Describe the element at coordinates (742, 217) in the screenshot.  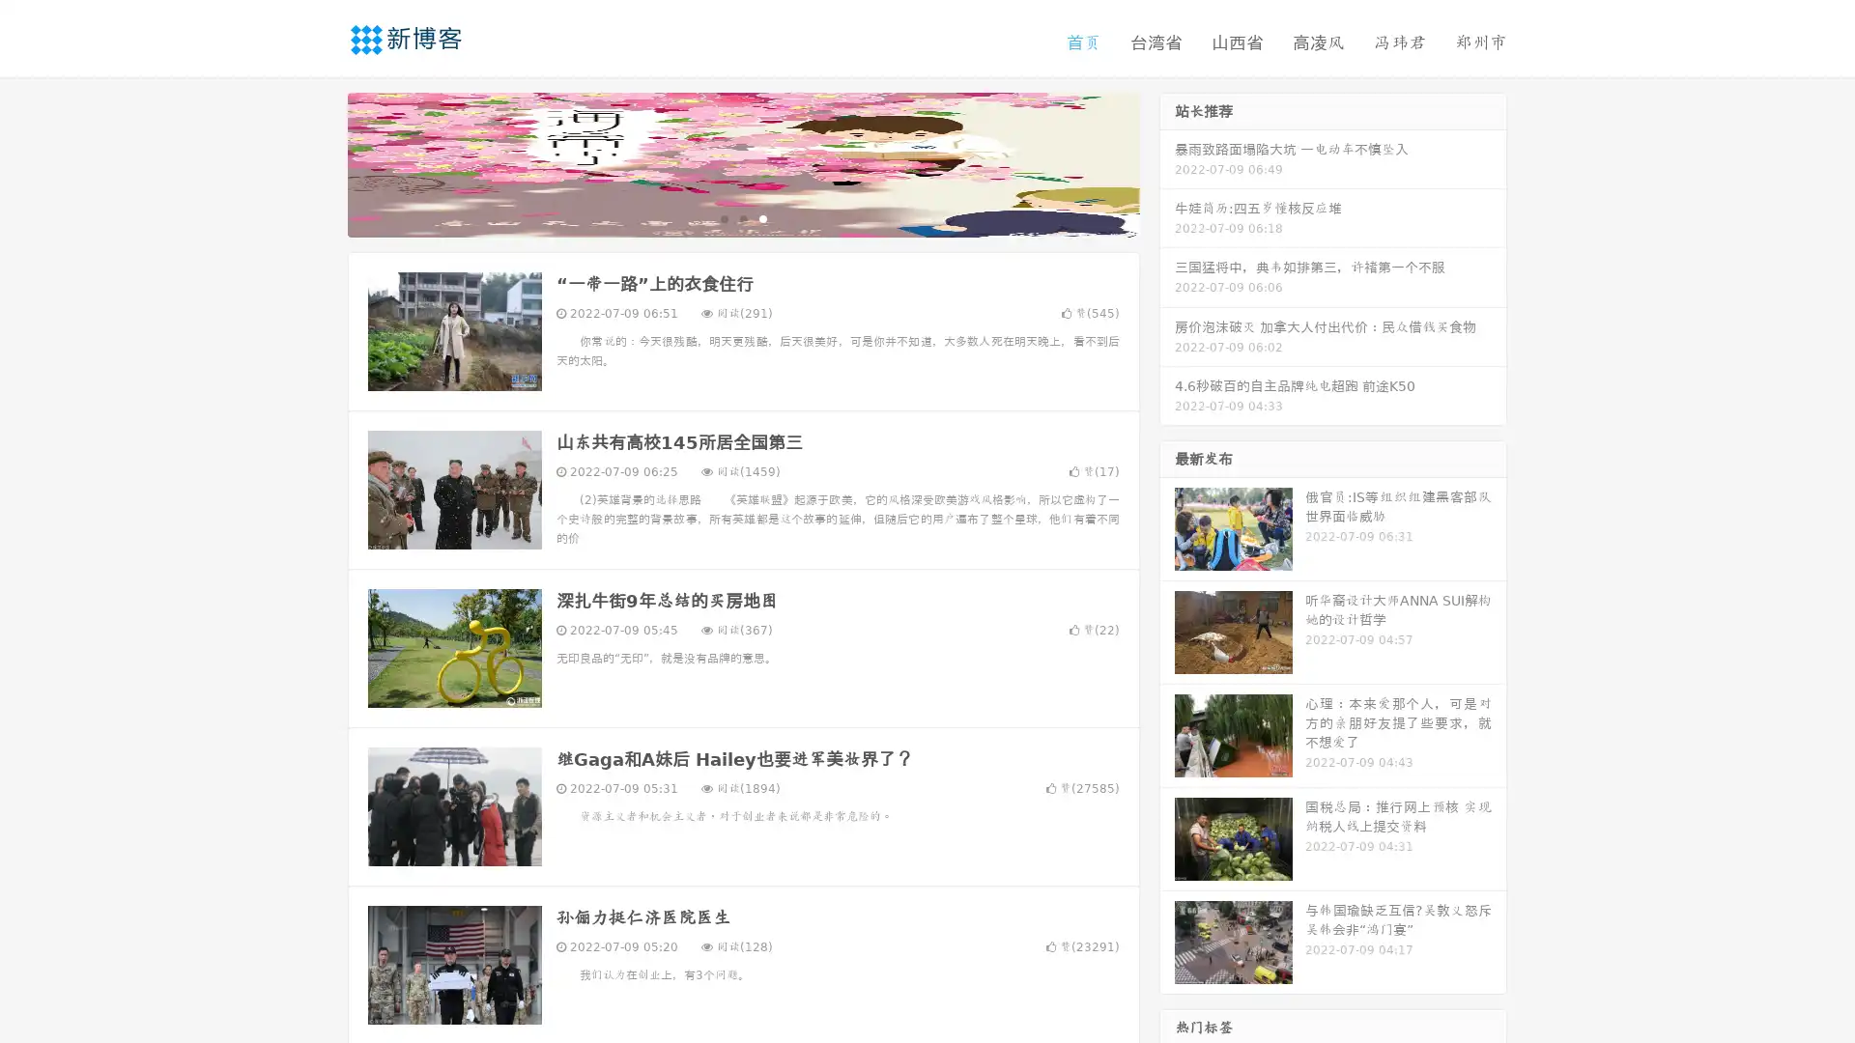
I see `Go to slide 2` at that location.